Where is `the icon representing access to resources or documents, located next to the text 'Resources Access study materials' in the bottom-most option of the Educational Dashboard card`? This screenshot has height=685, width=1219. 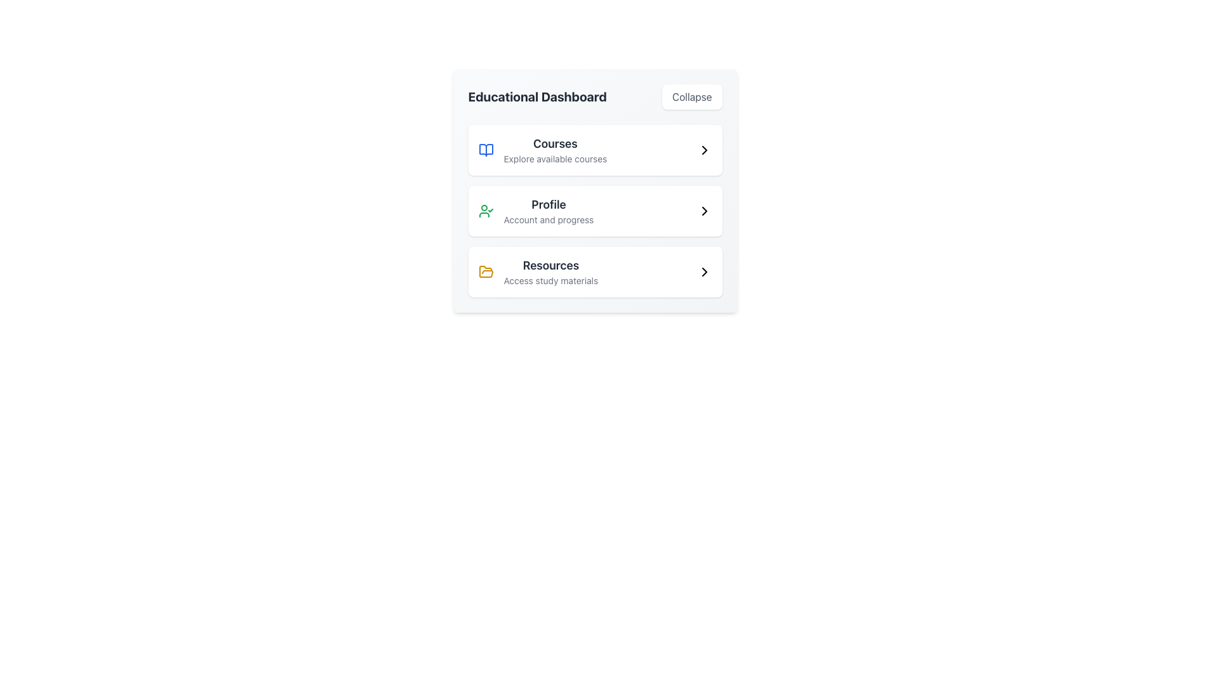
the icon representing access to resources or documents, located next to the text 'Resources Access study materials' in the bottom-most option of the Educational Dashboard card is located at coordinates (485, 271).